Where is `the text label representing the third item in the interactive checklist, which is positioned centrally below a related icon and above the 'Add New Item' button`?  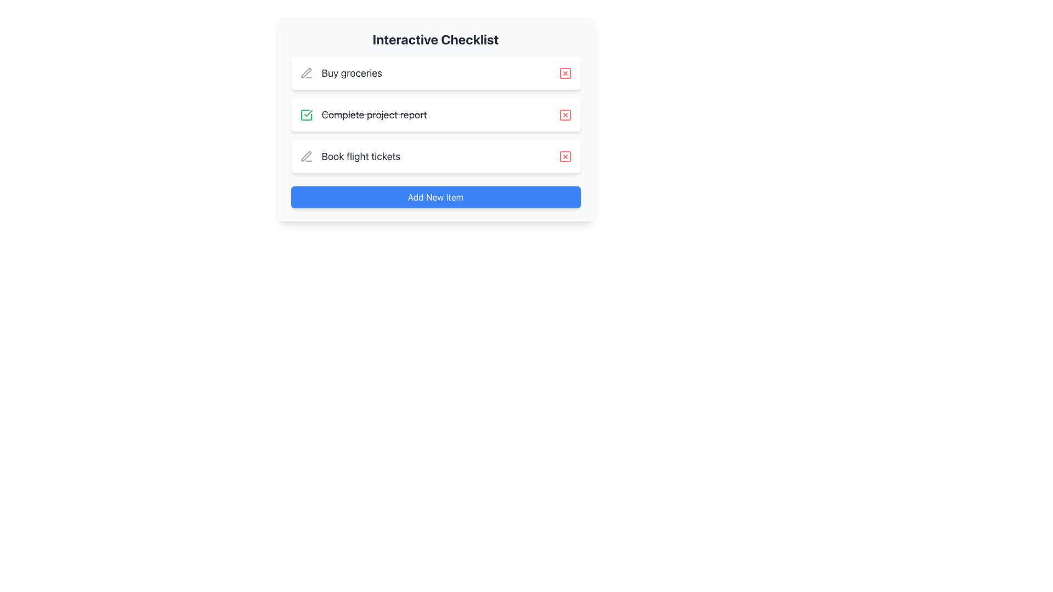
the text label representing the third item in the interactive checklist, which is positioned centrally below a related icon and above the 'Add New Item' button is located at coordinates (361, 156).